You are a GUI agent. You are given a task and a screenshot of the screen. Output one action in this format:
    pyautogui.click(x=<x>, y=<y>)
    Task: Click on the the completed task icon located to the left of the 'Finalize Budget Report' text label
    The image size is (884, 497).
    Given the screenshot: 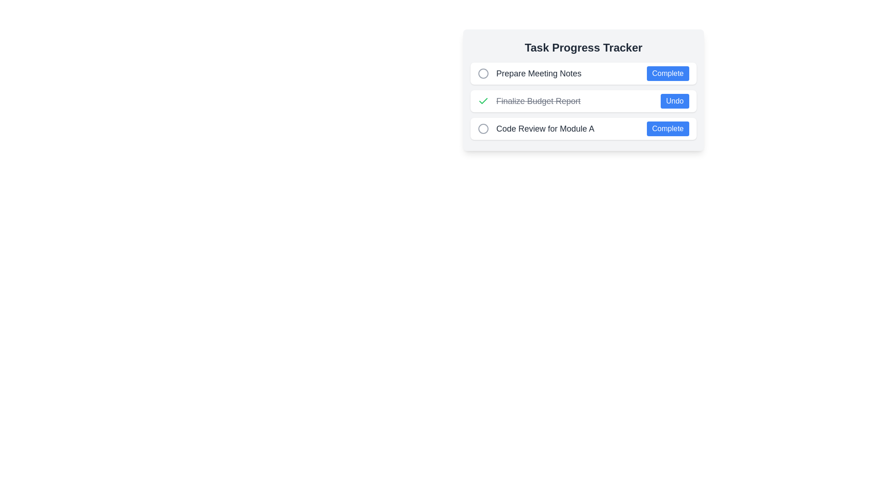 What is the action you would take?
    pyautogui.click(x=483, y=101)
    